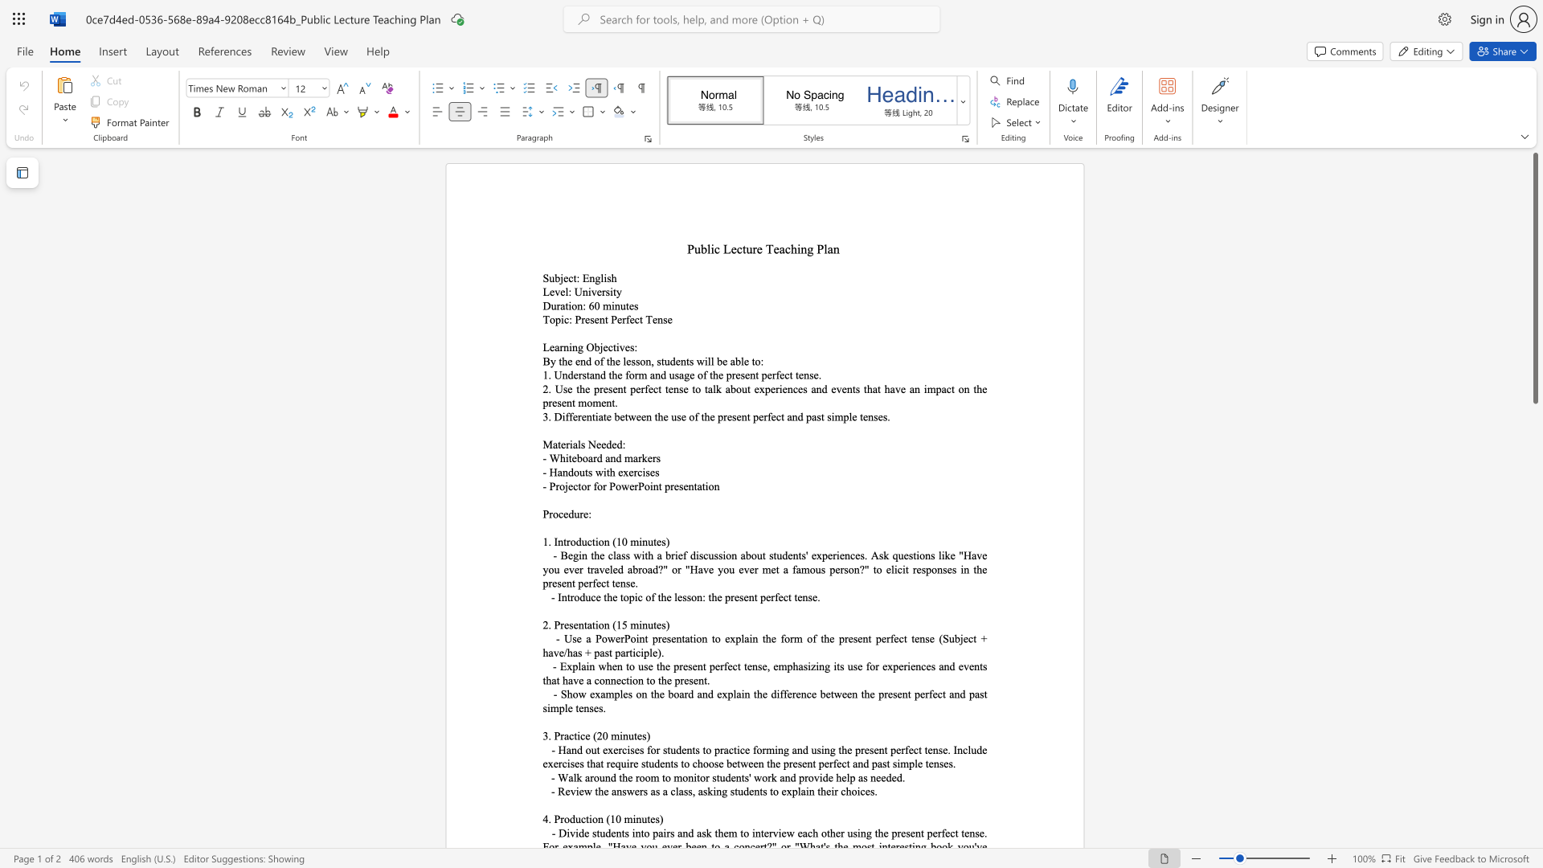 This screenshot has height=868, width=1543. Describe the element at coordinates (560, 624) in the screenshot. I see `the subset text "resentation (1" within the text "2. Presentation (15 minutes)"` at that location.